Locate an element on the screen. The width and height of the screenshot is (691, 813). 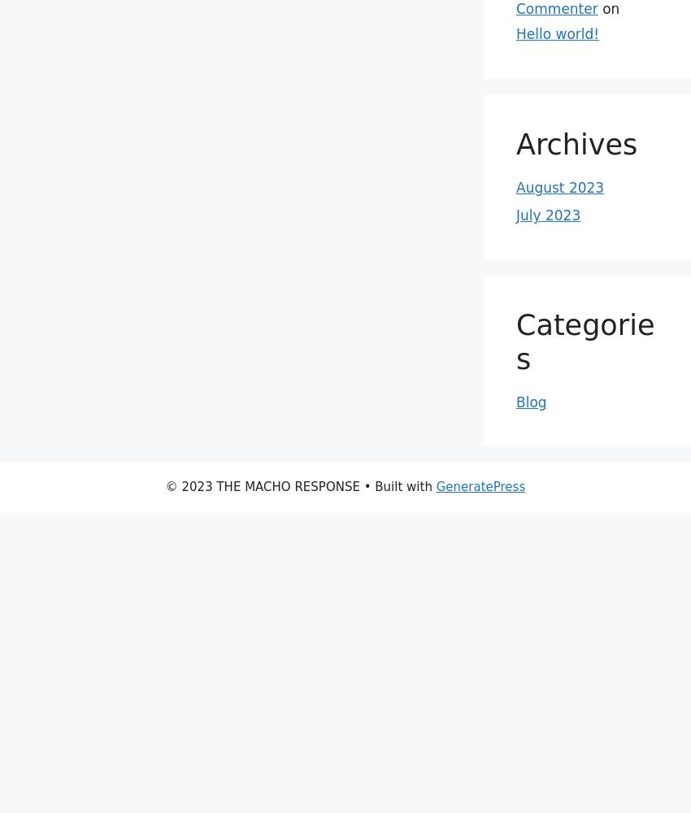
'on' is located at coordinates (608, 9).